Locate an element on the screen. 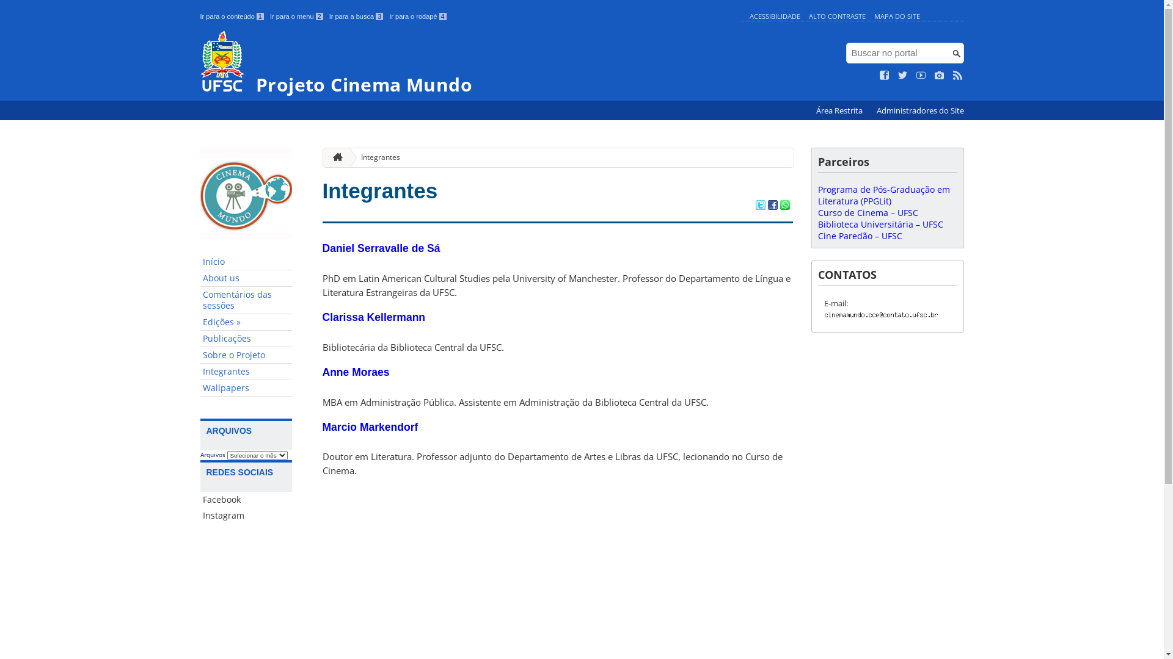 This screenshot has width=1173, height=659. 'Veja no Instagram' is located at coordinates (938, 75).